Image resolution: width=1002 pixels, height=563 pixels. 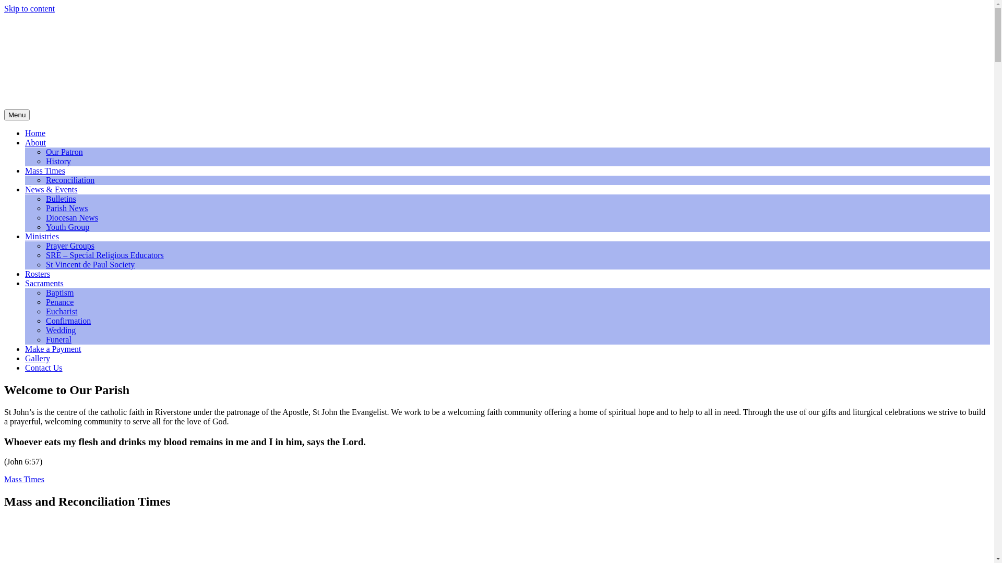 I want to click on 'History', so click(x=57, y=161).